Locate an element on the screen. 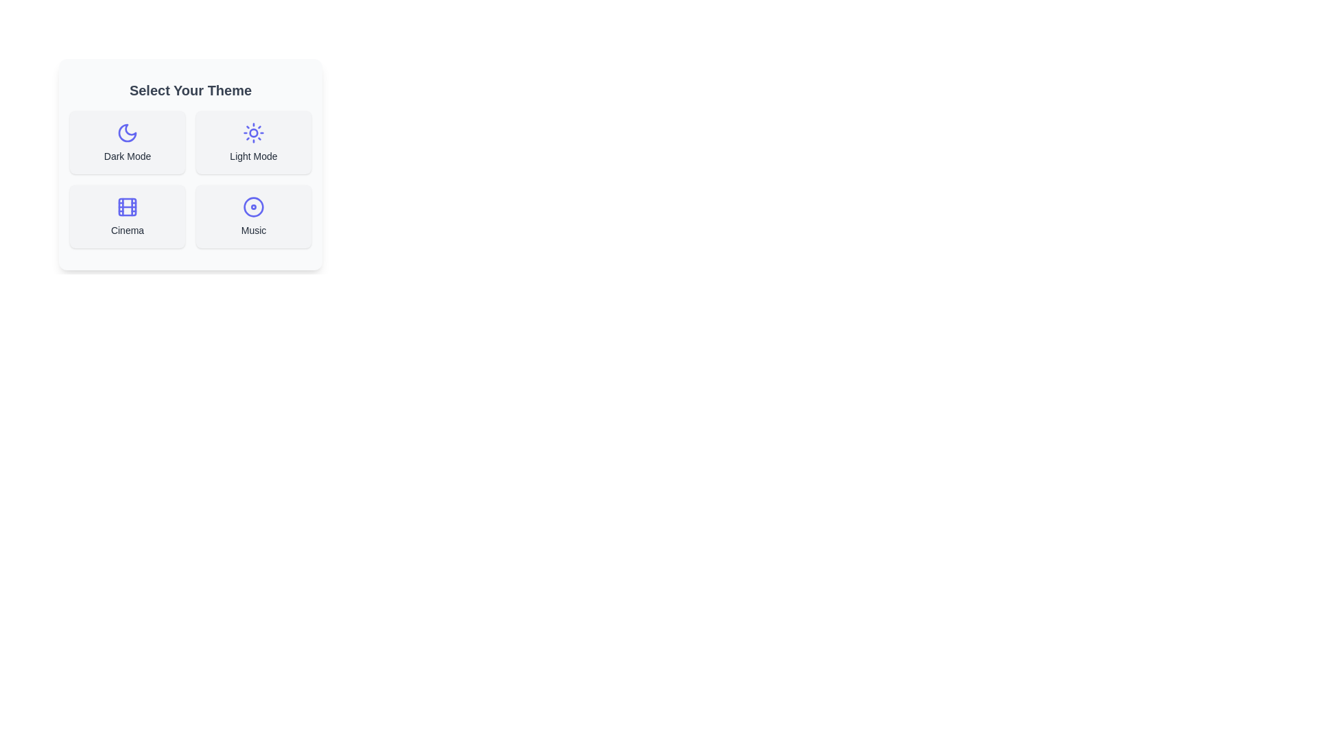 The height and width of the screenshot is (741, 1317). the crescent moon-shaped icon inside the 'Dark Mode' button is located at coordinates (128, 132).